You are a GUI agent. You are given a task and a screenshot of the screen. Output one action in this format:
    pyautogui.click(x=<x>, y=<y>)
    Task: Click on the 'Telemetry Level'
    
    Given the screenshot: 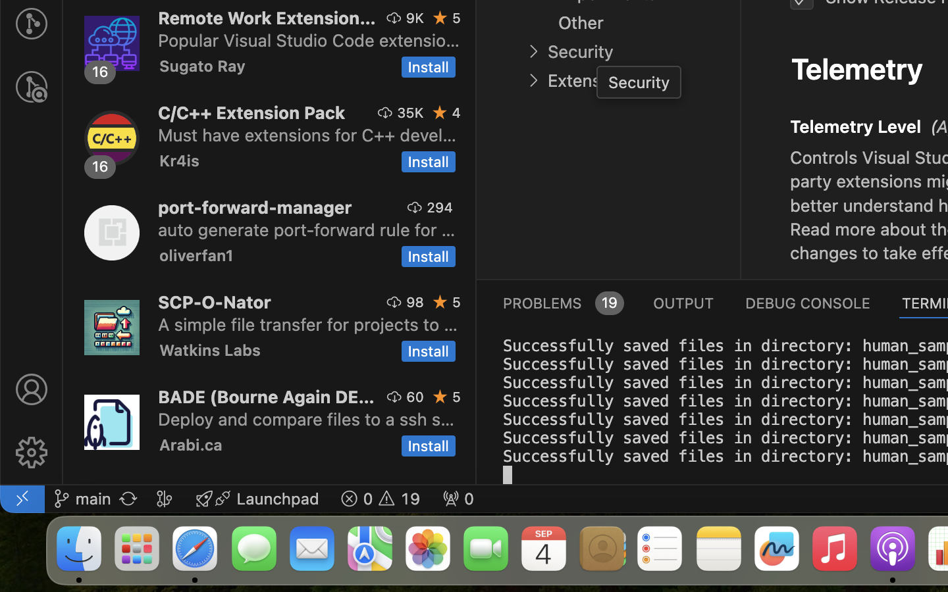 What is the action you would take?
    pyautogui.click(x=856, y=126)
    